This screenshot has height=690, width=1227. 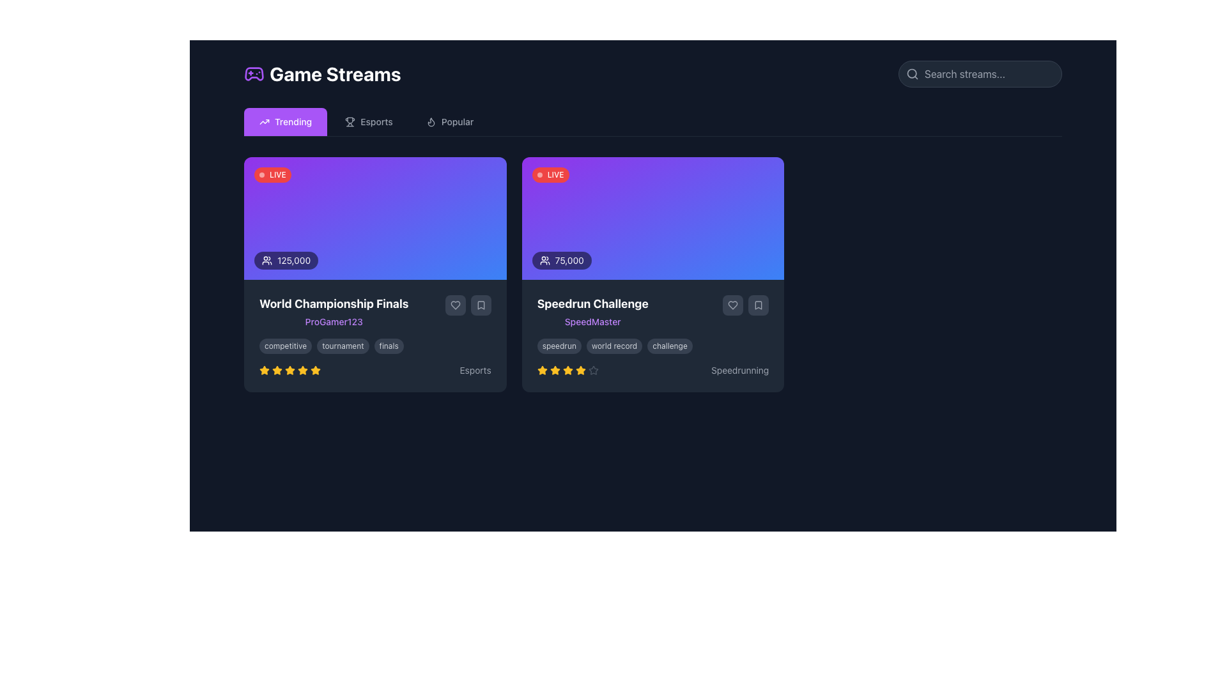 What do you see at coordinates (376, 122) in the screenshot?
I see `the 'Esports' text label located in the navigation bar next to the trophy icon` at bounding box center [376, 122].